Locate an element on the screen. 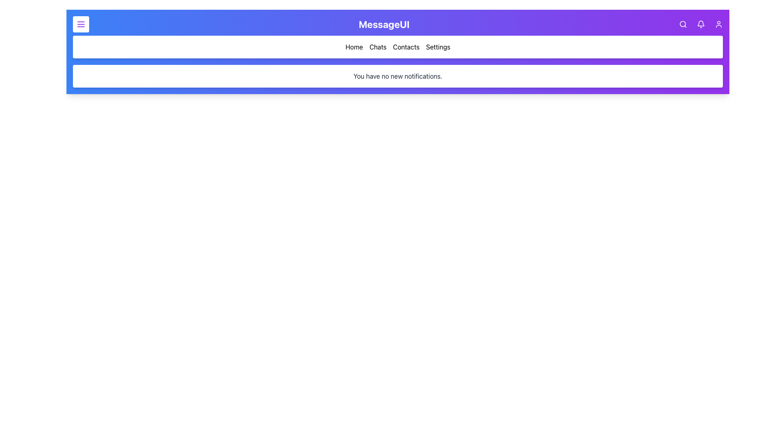 This screenshot has height=438, width=778. the user profile button located at the far right of the navigation bar is located at coordinates (718, 24).